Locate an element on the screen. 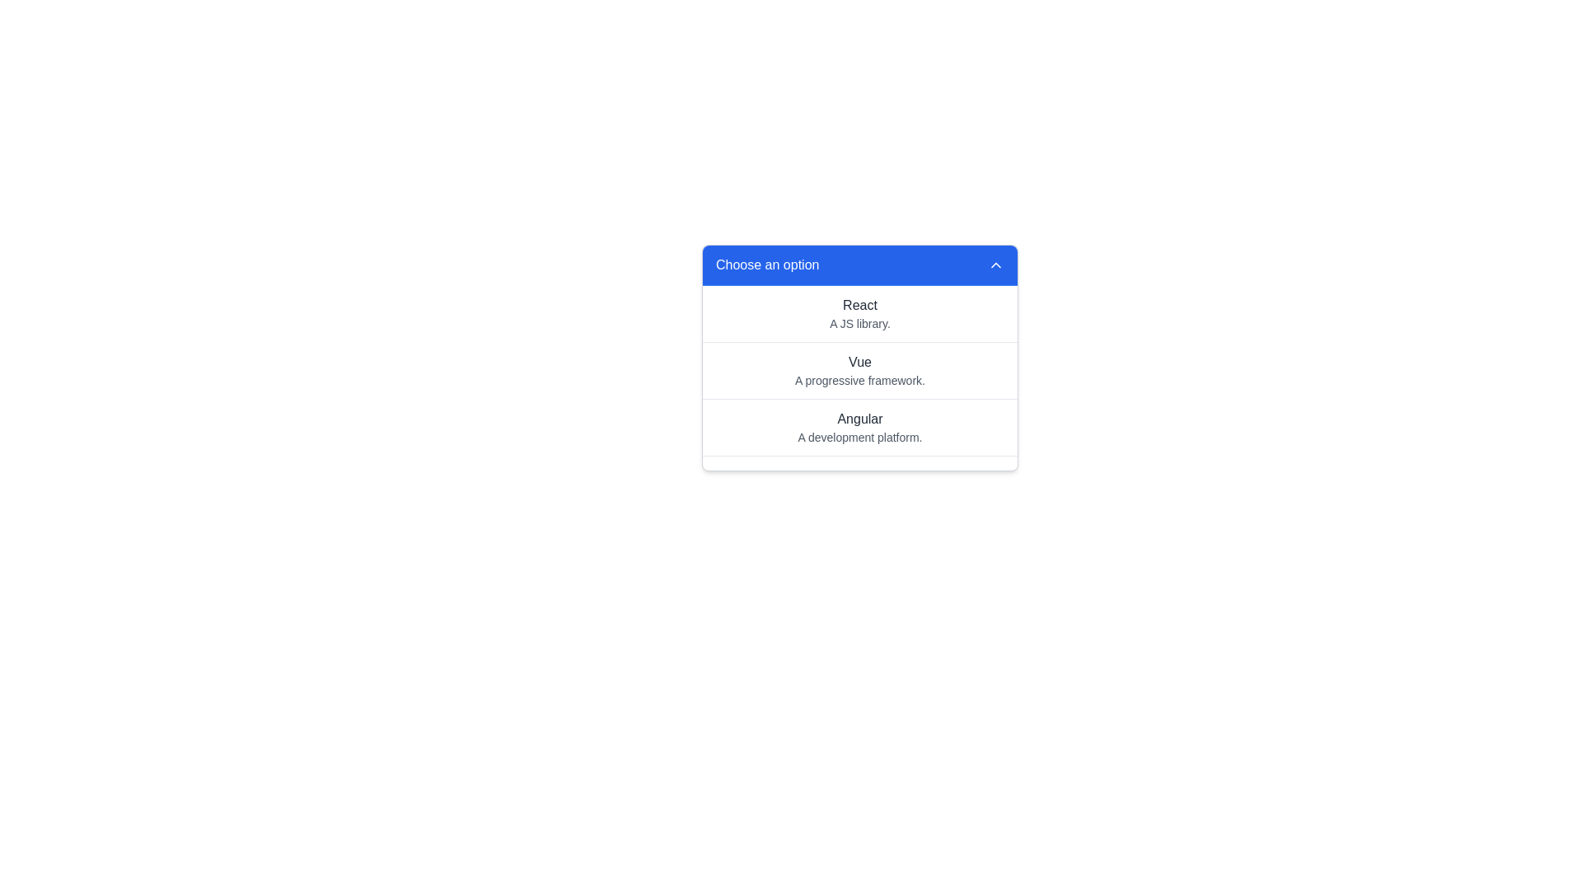 The height and width of the screenshot is (890, 1582). the text label displaying 'A development platform.' which is positioned beneath the 'Angular' option in the dropdown menu is located at coordinates (859, 437).